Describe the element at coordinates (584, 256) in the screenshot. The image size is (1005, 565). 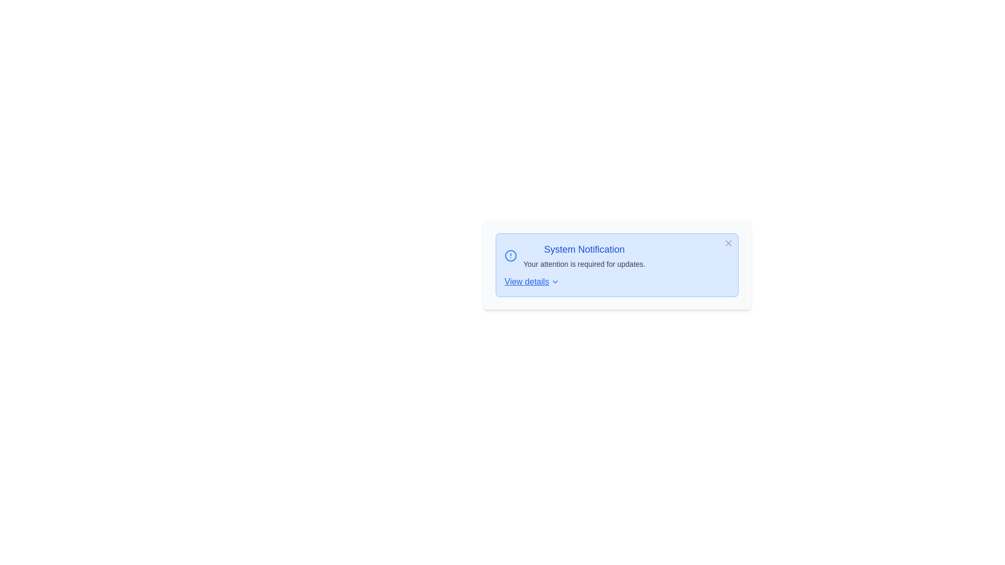
I see `the text element with styled headings that displays 'System Notification' and 'Your attention is required for updates.'` at that location.